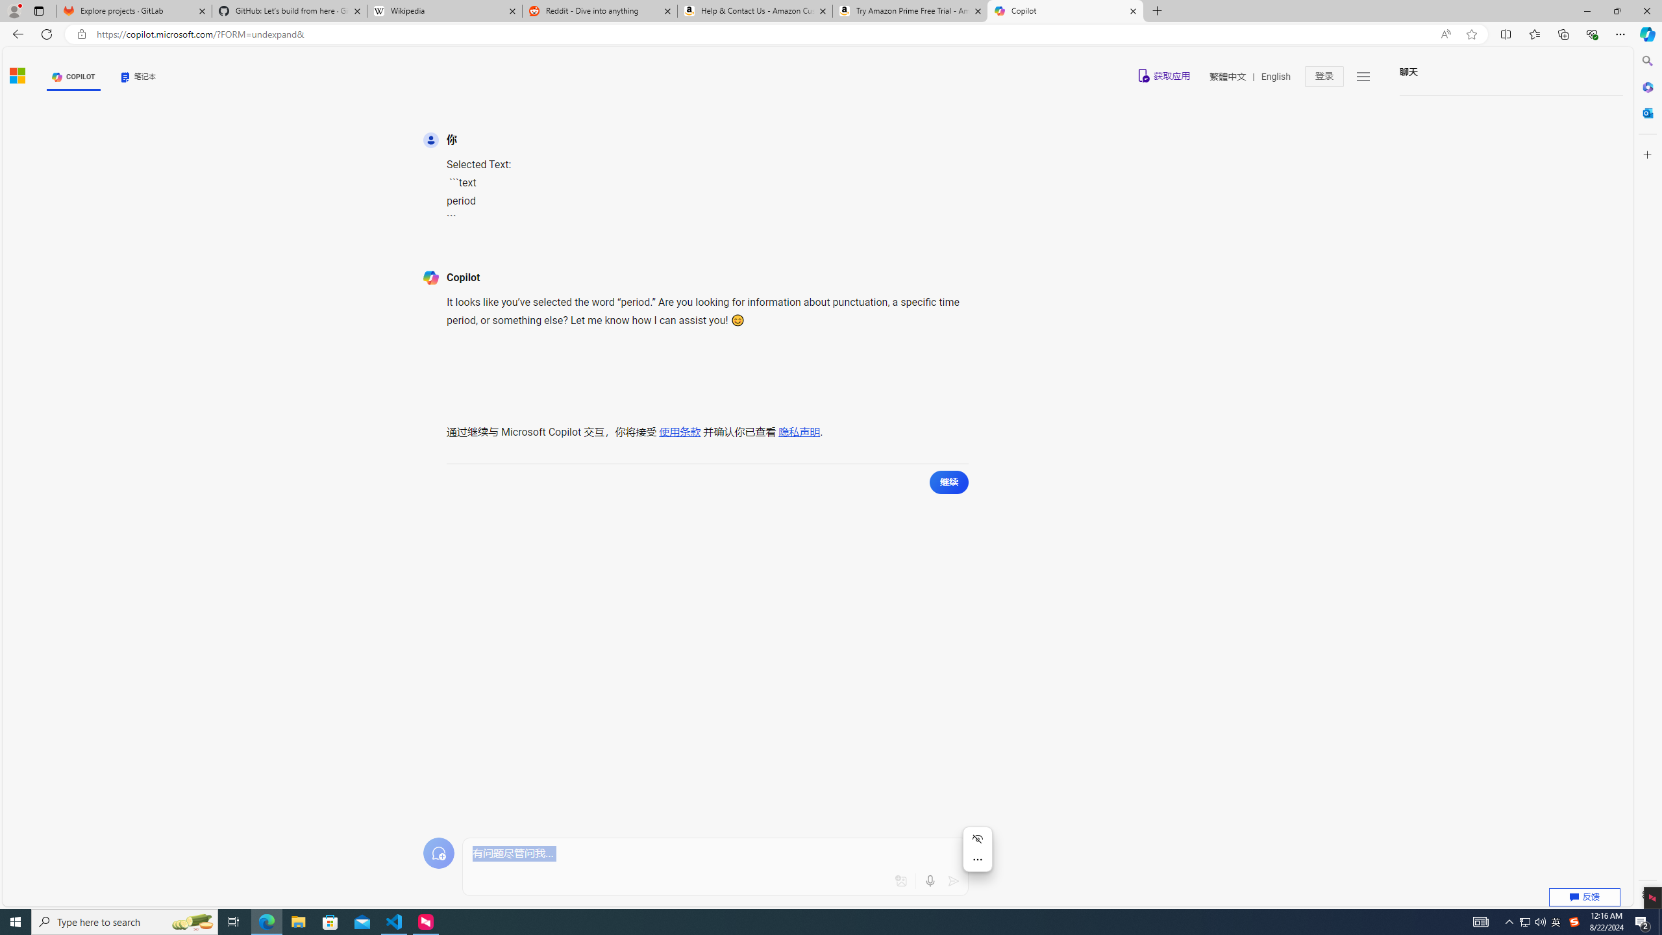  Describe the element at coordinates (1064, 10) in the screenshot. I see `'Copilot'` at that location.